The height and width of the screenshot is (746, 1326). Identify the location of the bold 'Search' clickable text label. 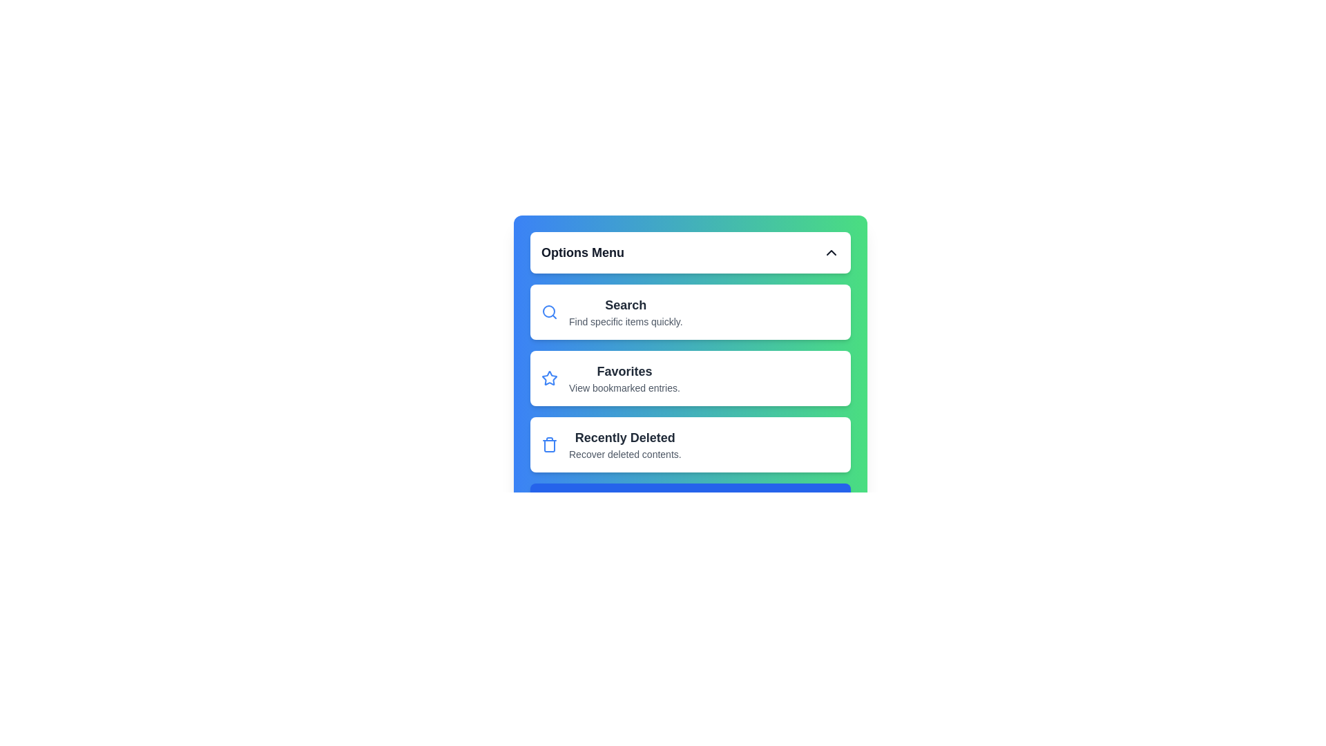
(625, 305).